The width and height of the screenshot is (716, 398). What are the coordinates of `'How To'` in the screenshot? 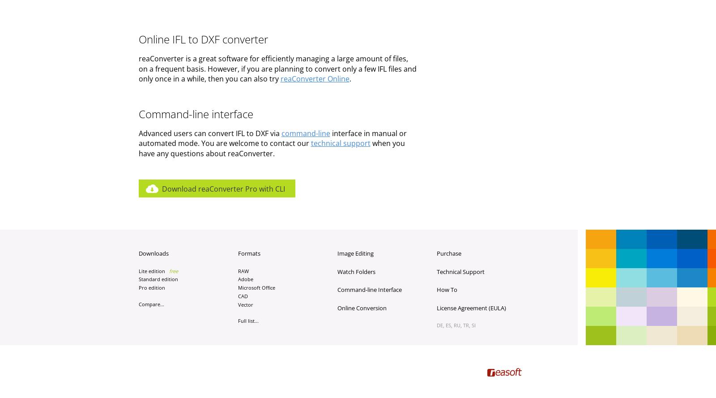 It's located at (446, 290).